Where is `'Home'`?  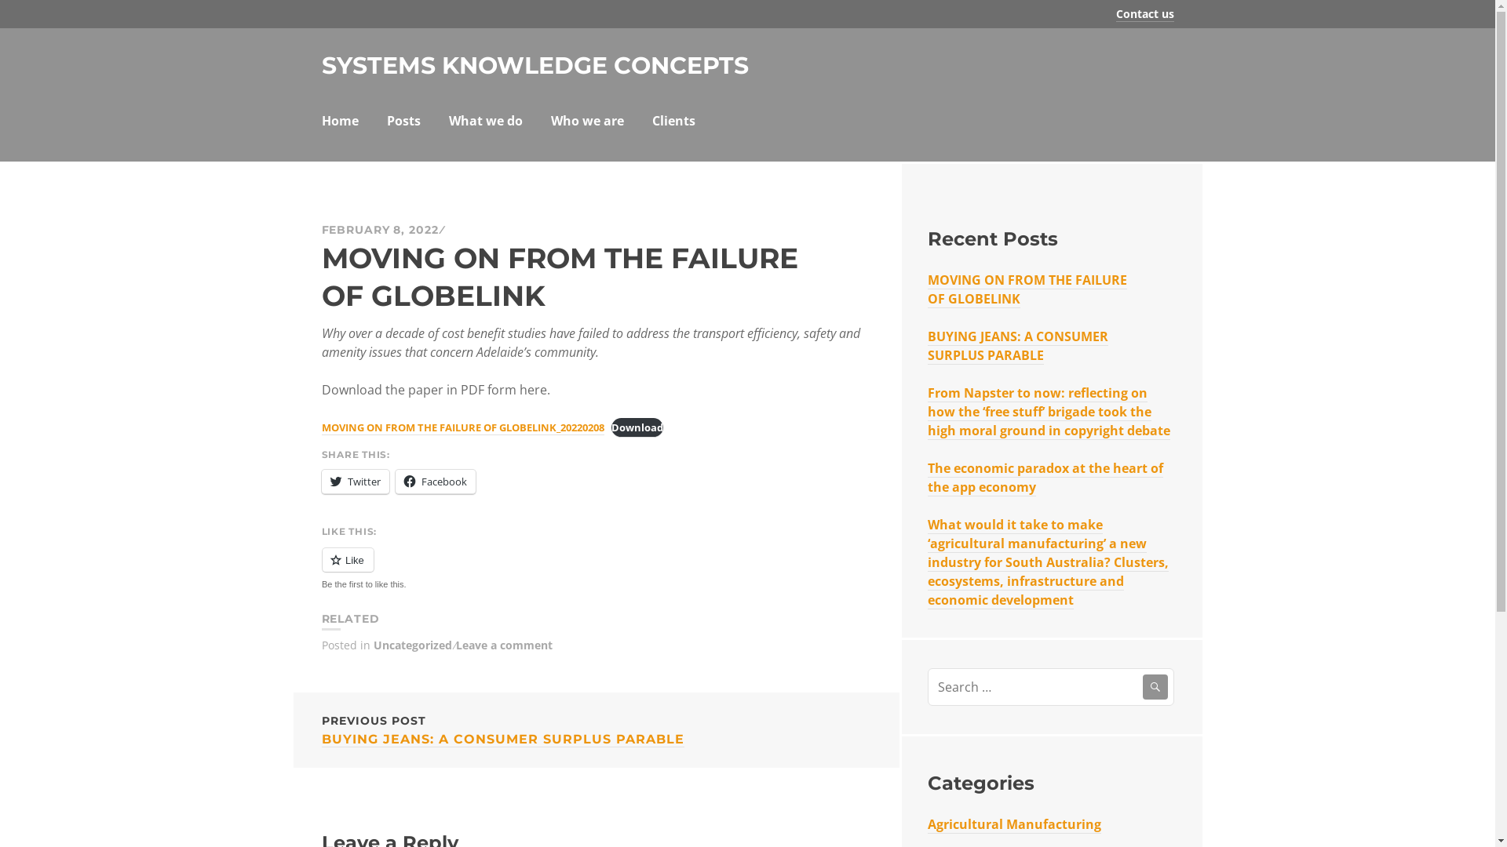 'Home' is located at coordinates (339, 122).